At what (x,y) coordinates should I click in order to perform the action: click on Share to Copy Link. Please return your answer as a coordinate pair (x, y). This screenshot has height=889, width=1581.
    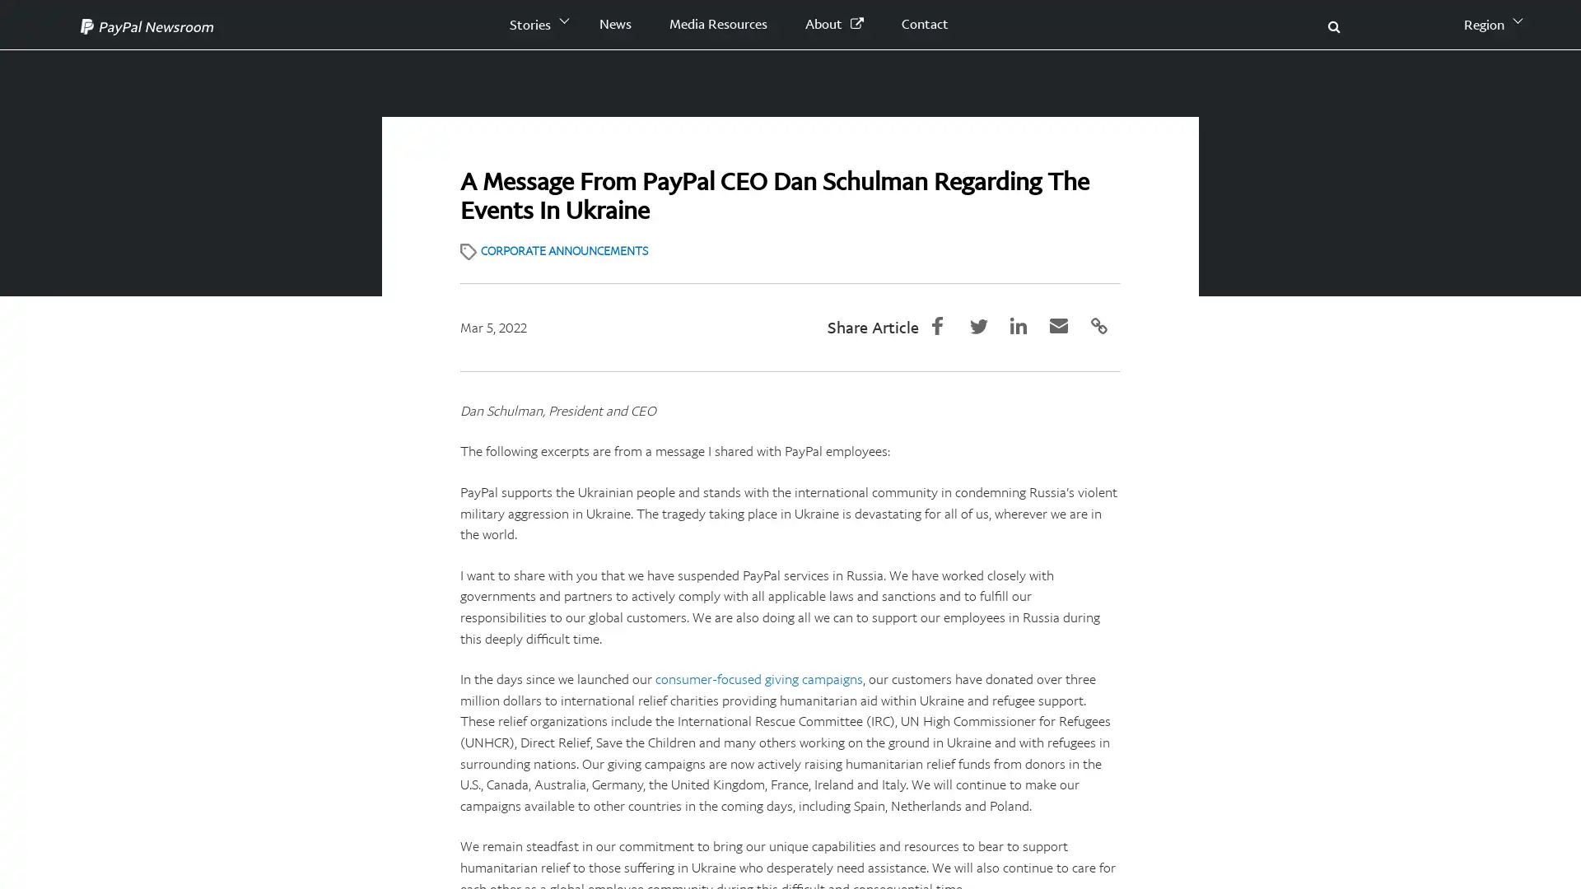
    Looking at the image, I should click on (1102, 324).